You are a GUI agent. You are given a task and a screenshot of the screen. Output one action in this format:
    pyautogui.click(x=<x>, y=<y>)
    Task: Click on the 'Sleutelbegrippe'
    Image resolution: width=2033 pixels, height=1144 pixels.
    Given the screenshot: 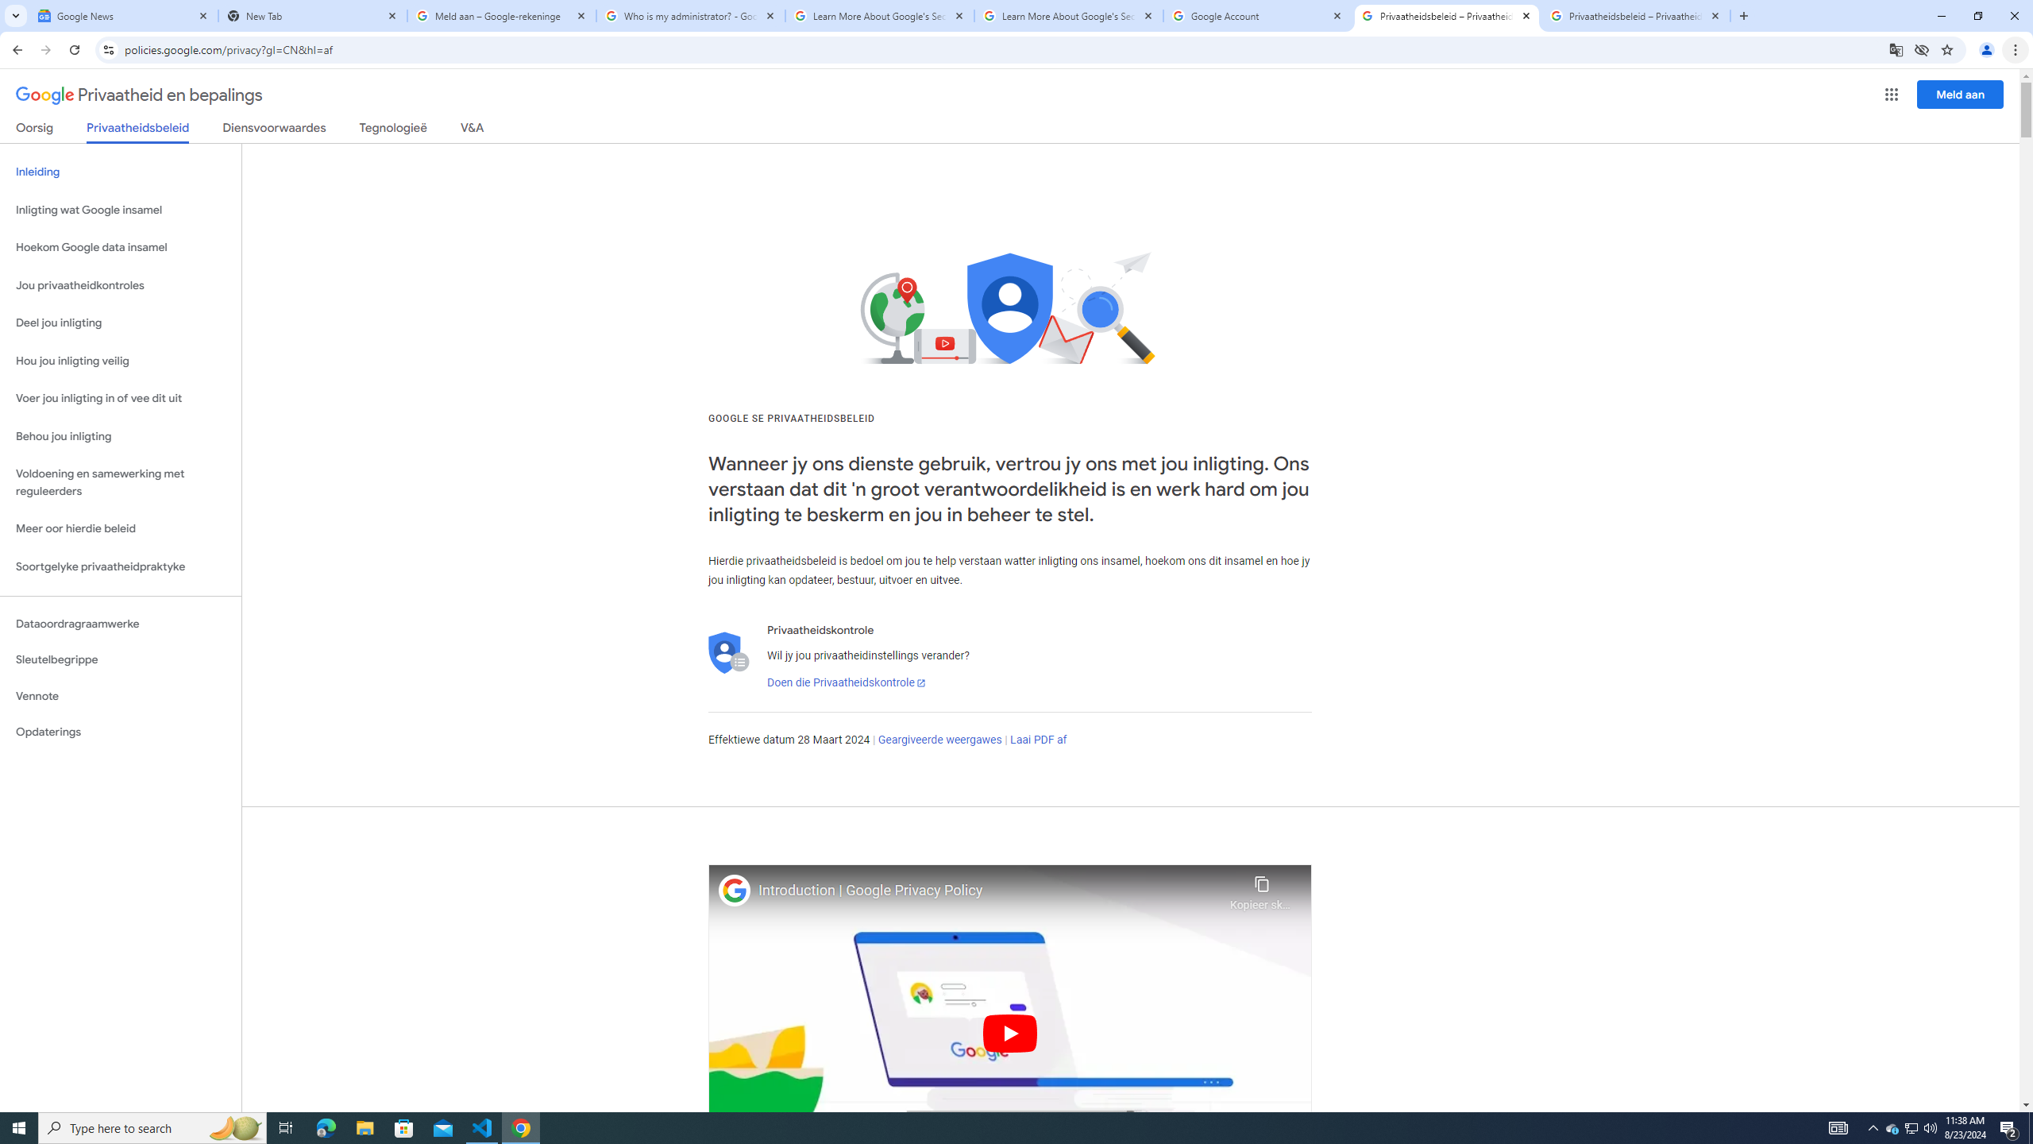 What is the action you would take?
    pyautogui.click(x=120, y=659)
    